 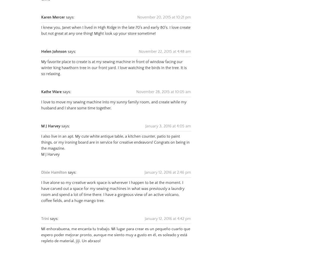 I want to click on 'January 3, 2016 at 4:05 am', so click(x=168, y=120).